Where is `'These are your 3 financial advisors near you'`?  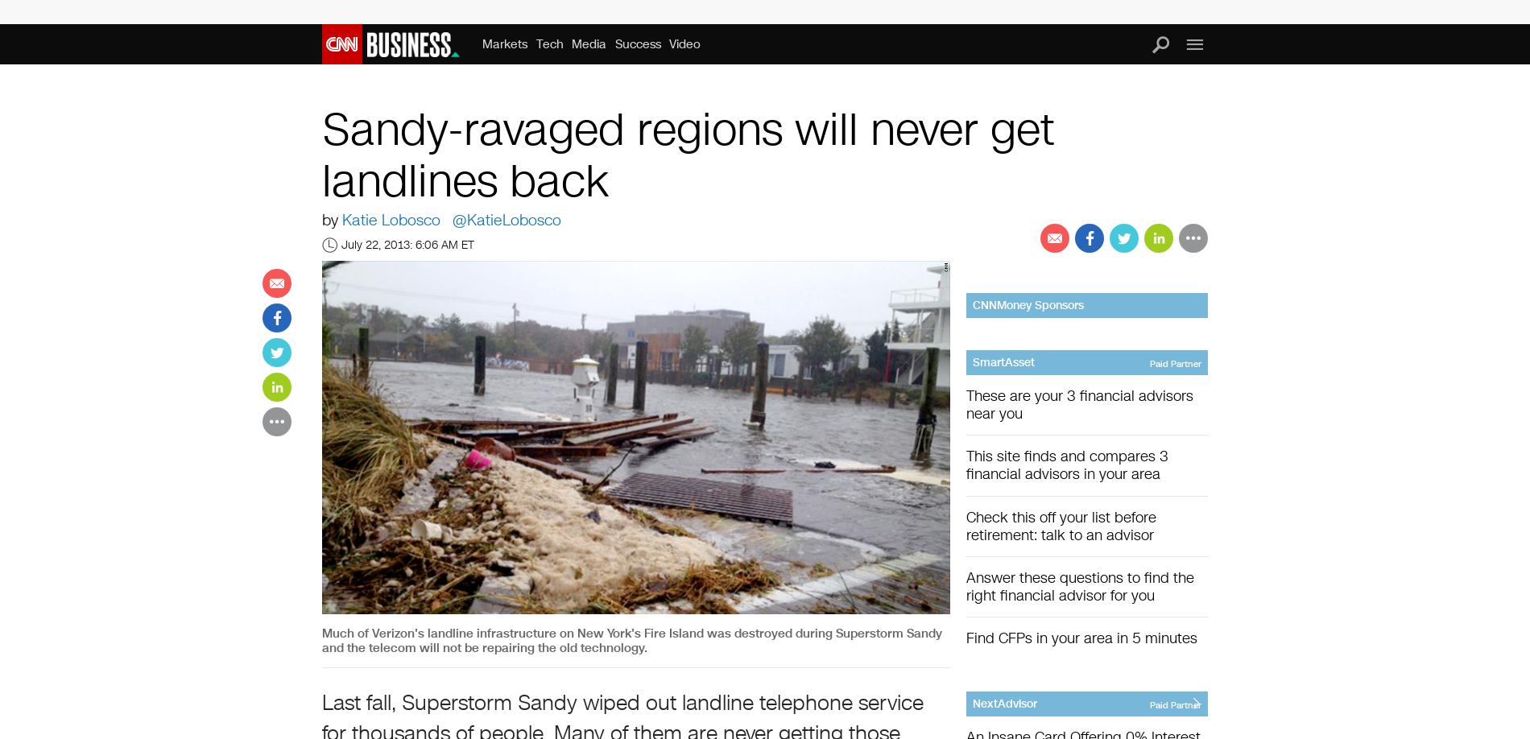 'These are your 3 financial advisors near you' is located at coordinates (1079, 404).